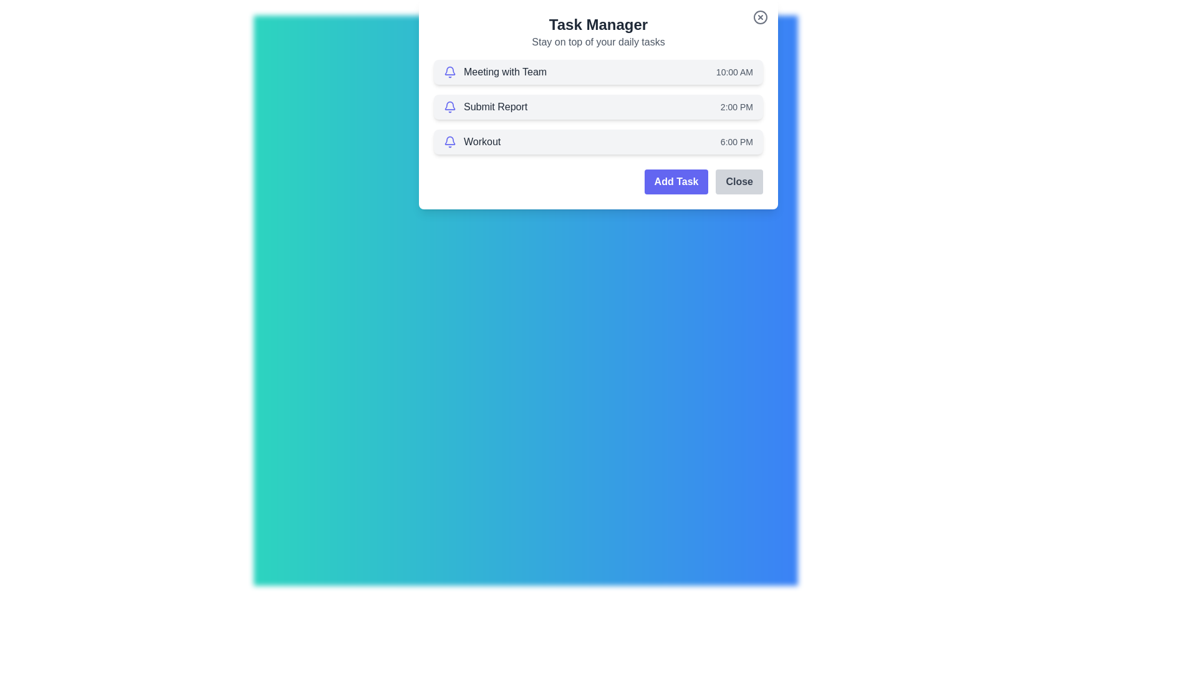  I want to click on the notification icon for the 'Workout' task, which is located in the third row of the task management interface, to the left of the 'Workout' text, so click(449, 141).